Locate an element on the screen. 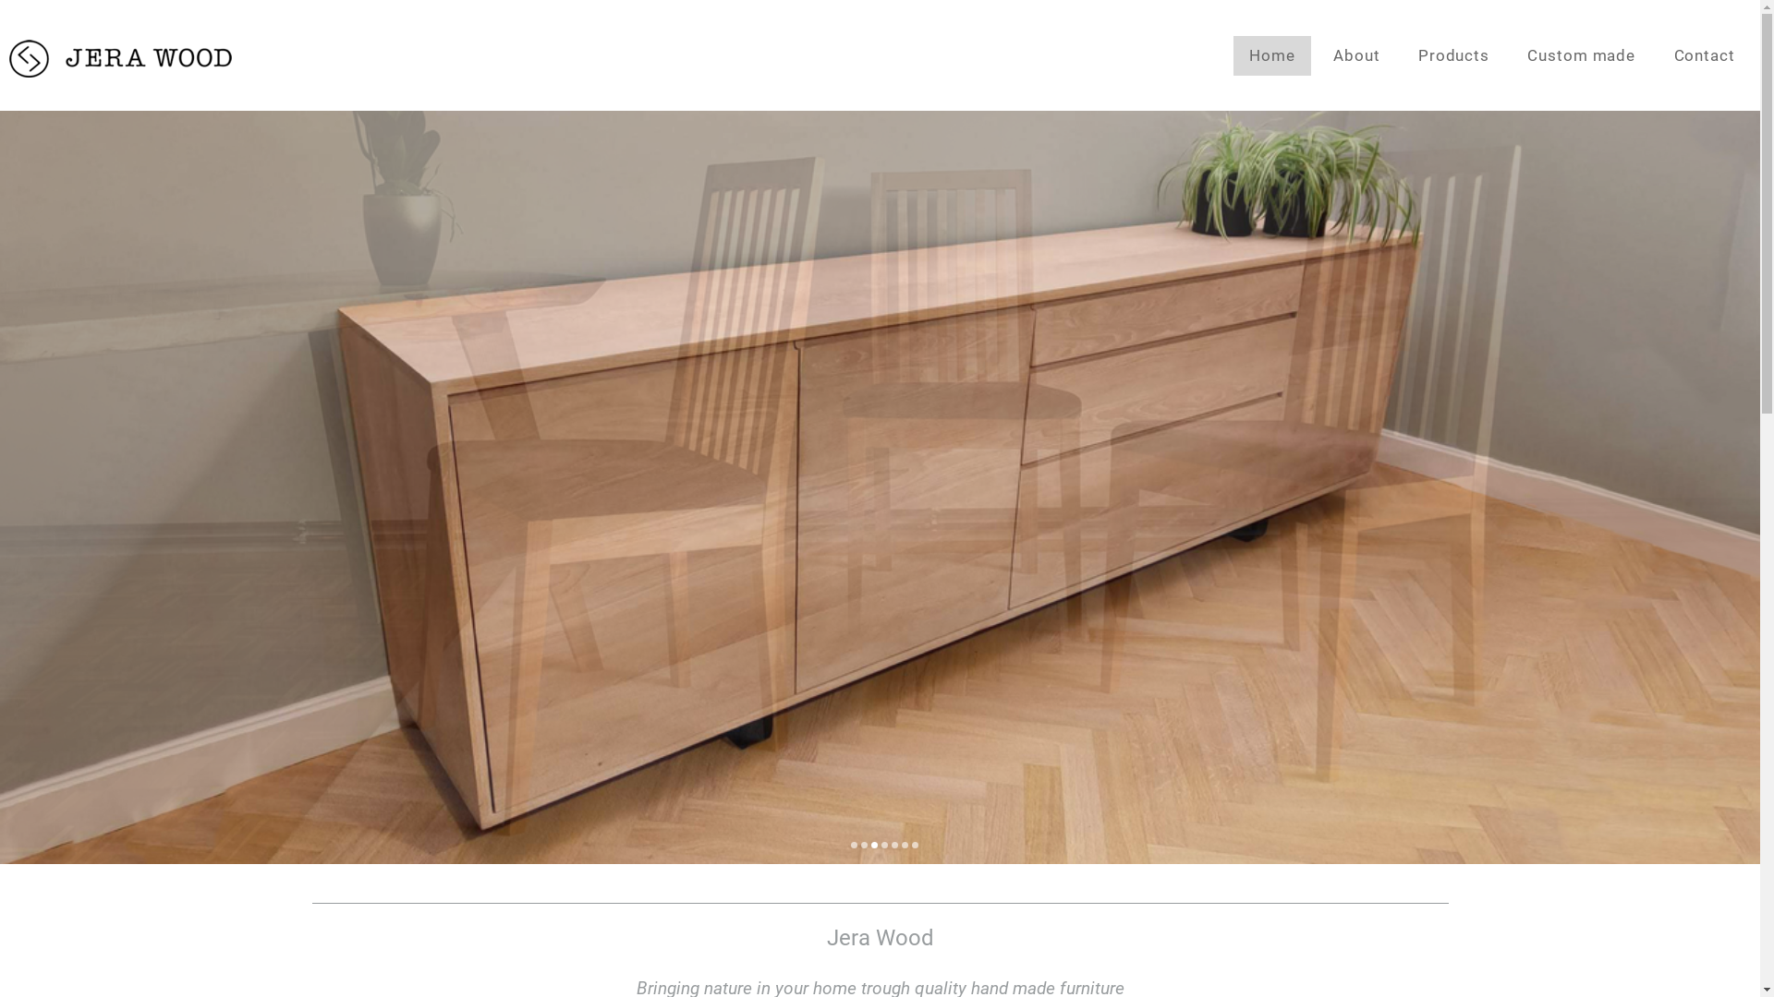 This screenshot has width=1774, height=997. 'Products' is located at coordinates (1453, 54).